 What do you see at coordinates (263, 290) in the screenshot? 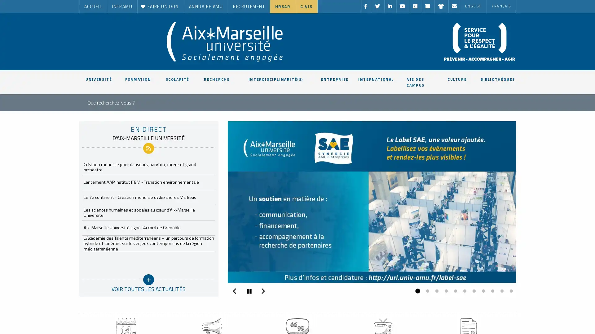
I see `Next` at bounding box center [263, 290].